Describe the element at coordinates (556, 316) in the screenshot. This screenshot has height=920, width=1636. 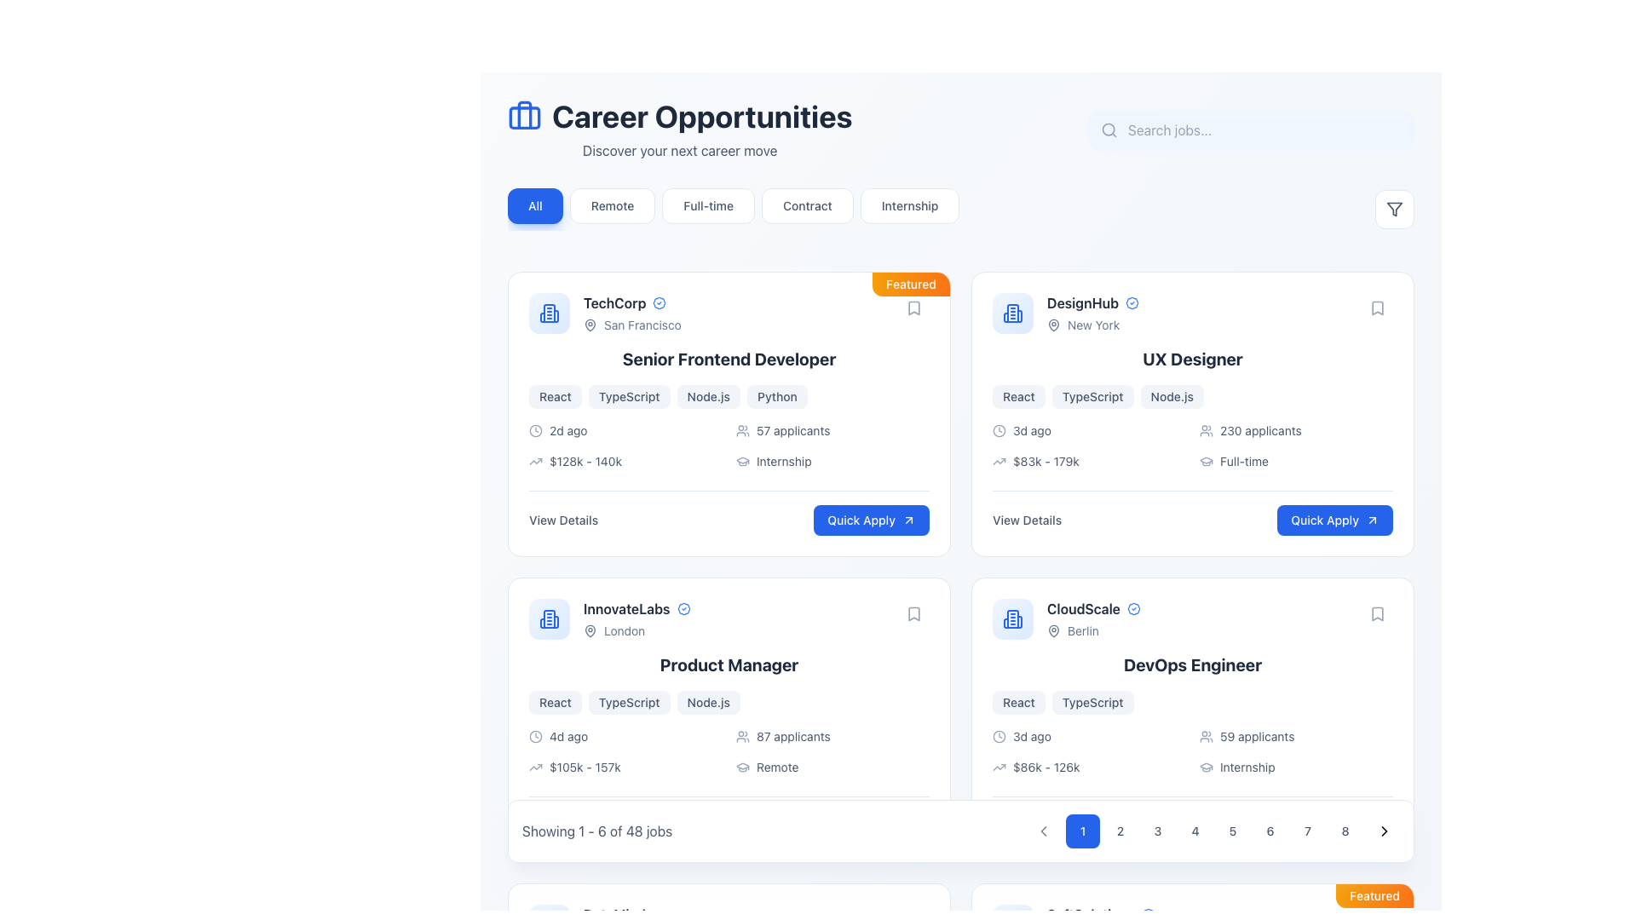
I see `the rightmost vertical stroke of the vector graphic representing a building icon, which is part of an SVG graphic` at that location.